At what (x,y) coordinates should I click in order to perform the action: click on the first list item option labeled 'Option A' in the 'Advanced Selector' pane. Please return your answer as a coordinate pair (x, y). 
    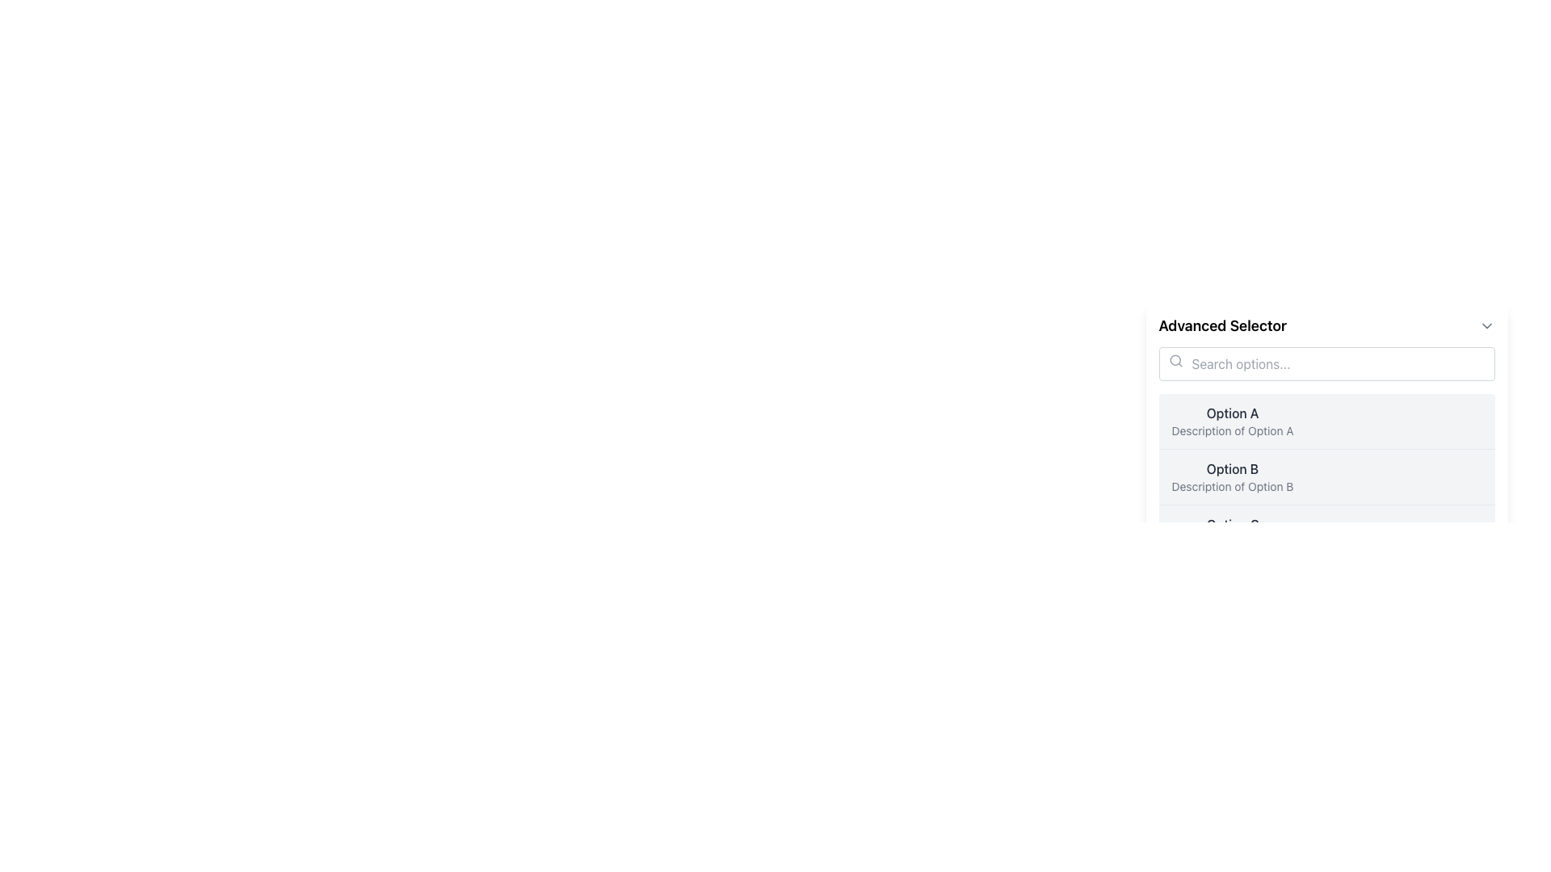
    Looking at the image, I should click on (1326, 420).